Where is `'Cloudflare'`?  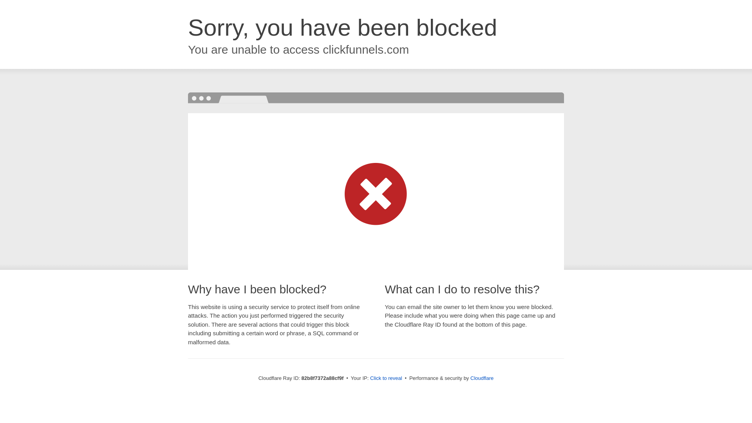
'Cloudflare' is located at coordinates (481, 378).